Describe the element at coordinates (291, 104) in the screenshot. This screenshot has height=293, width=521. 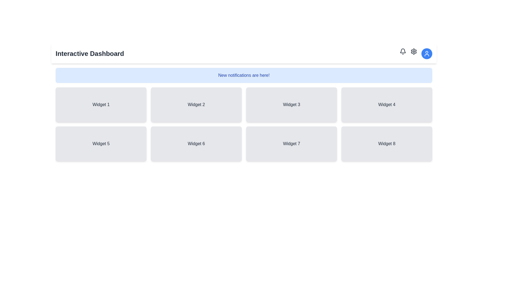
I see `the label 'Widget 3' on the gray panel with rounded corners located in the top row of the grid layout` at that location.